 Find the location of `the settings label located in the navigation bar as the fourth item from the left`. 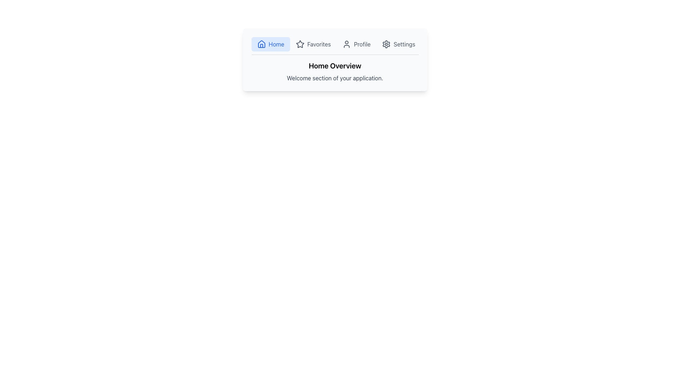

the settings label located in the navigation bar as the fourth item from the left is located at coordinates (404, 44).